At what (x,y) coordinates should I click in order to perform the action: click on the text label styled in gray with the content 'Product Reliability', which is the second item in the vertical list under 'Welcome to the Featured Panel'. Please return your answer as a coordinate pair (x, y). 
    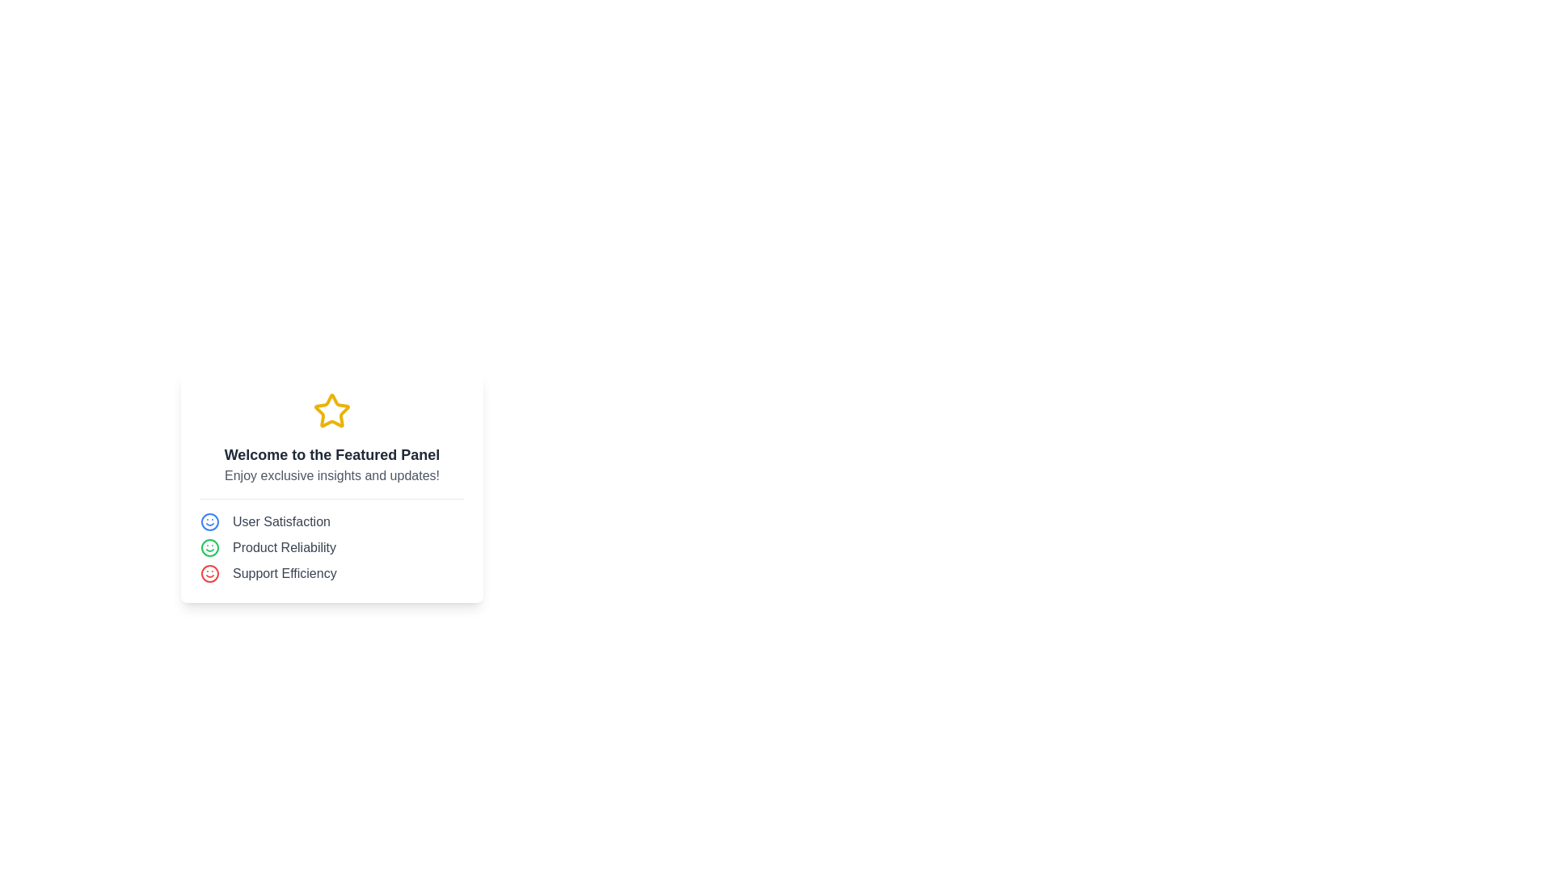
    Looking at the image, I should click on (284, 546).